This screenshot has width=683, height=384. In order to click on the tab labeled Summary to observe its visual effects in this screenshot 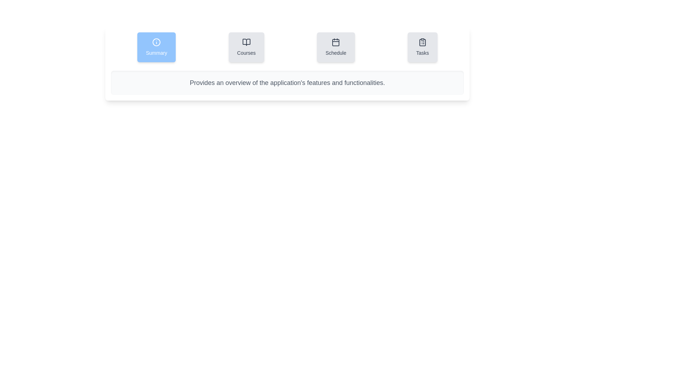, I will do `click(156, 47)`.